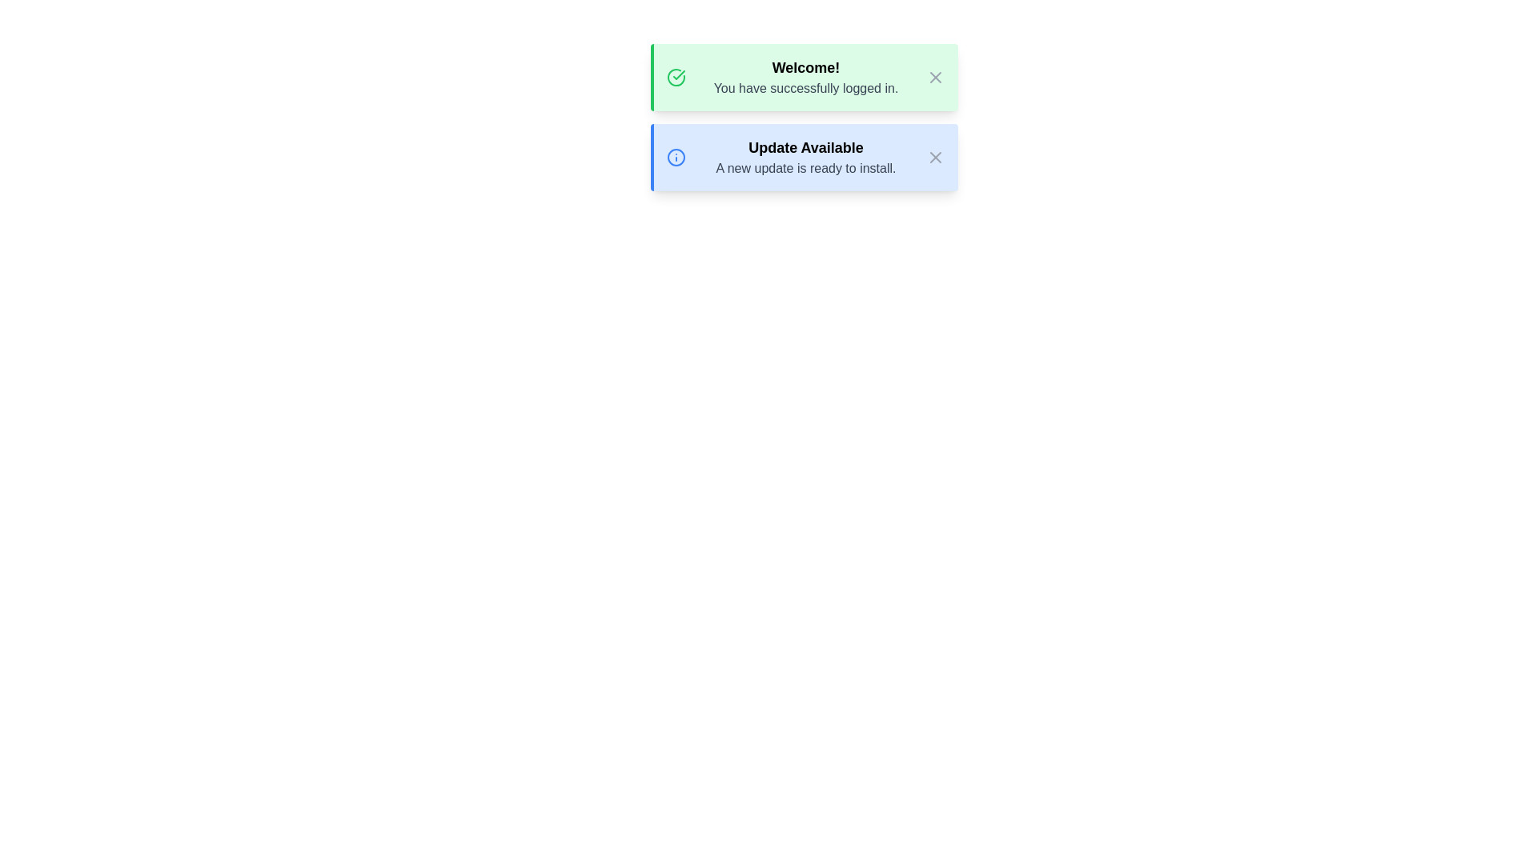 The width and height of the screenshot is (1537, 864). I want to click on the circular blue icon featuring an 'i' symbol, so click(676, 157).